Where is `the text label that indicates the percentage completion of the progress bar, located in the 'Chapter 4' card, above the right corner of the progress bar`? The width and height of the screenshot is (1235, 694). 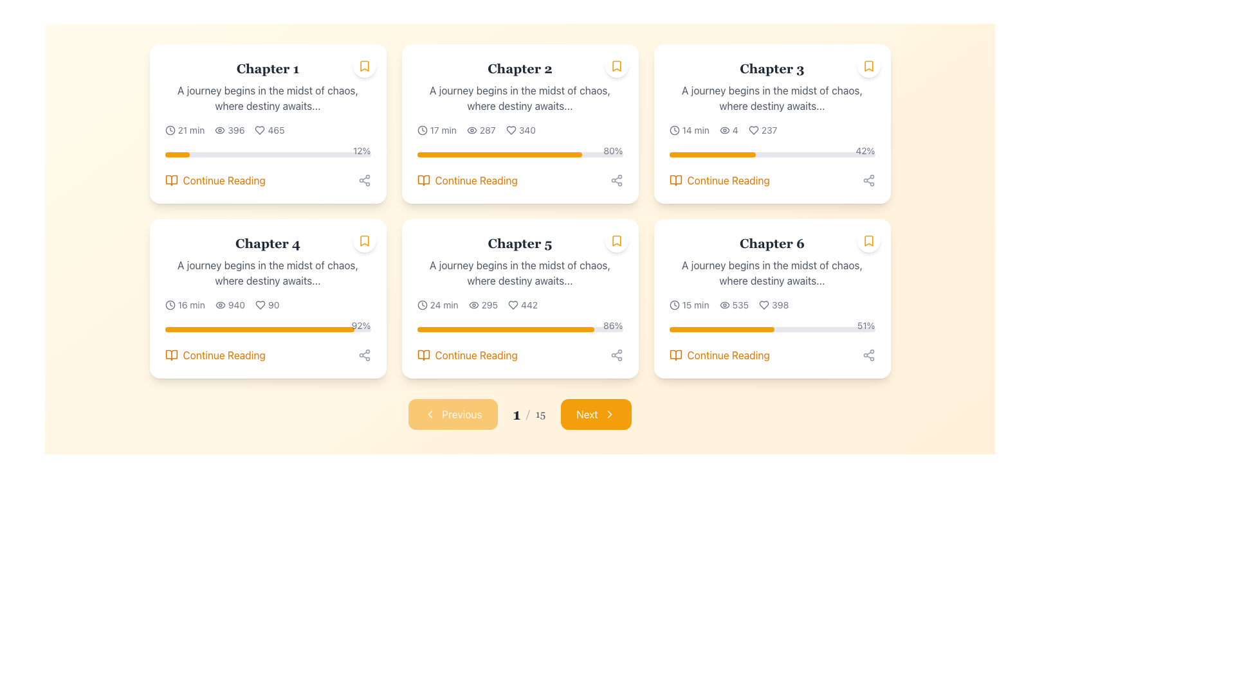 the text label that indicates the percentage completion of the progress bar, located in the 'Chapter 4' card, above the right corner of the progress bar is located at coordinates (360, 325).